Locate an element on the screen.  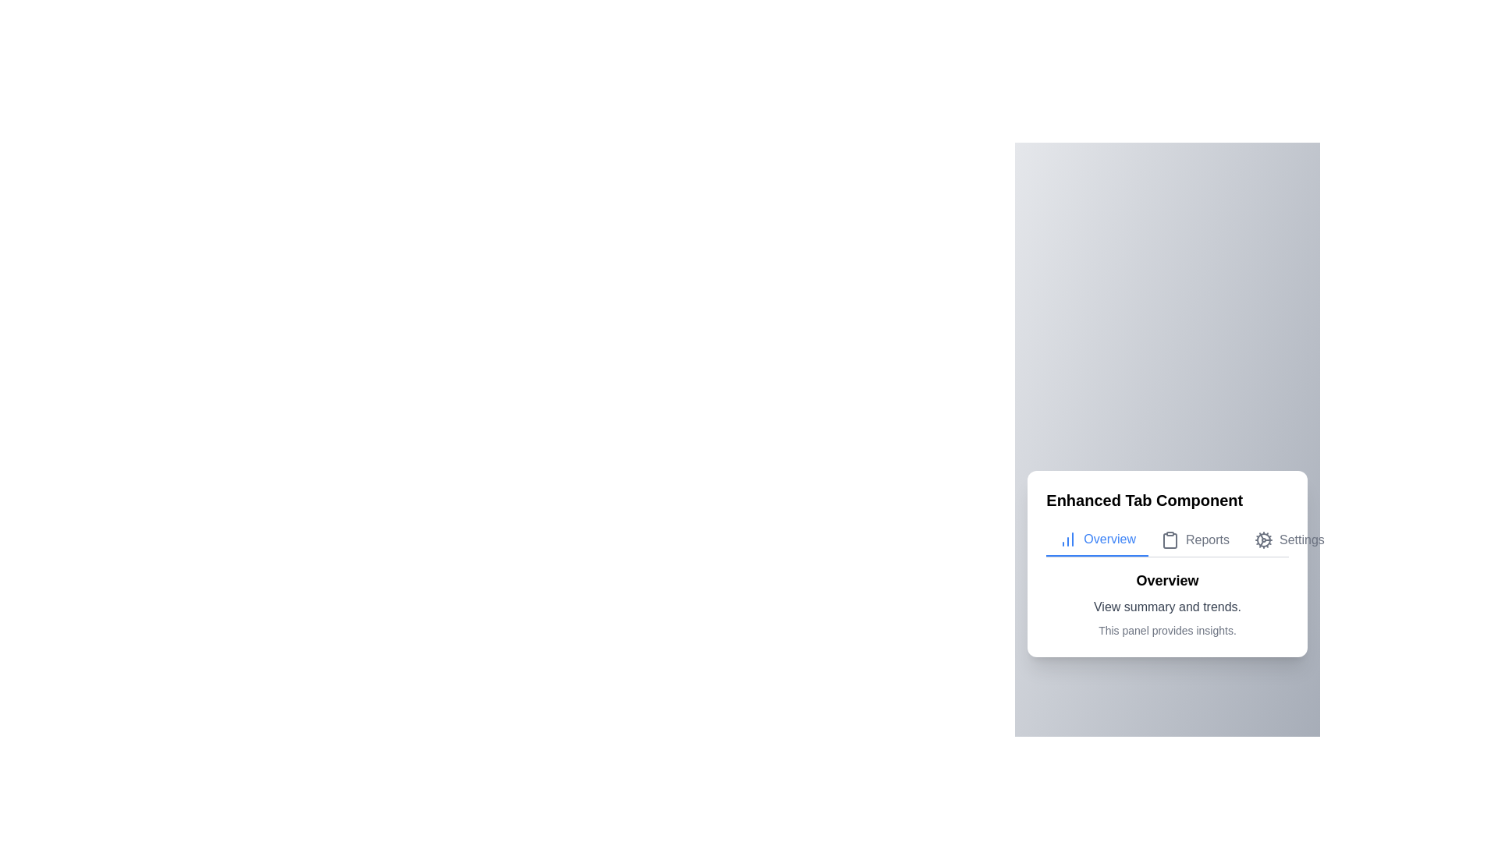
the Reports tab to navigate to it is located at coordinates (1194, 539).